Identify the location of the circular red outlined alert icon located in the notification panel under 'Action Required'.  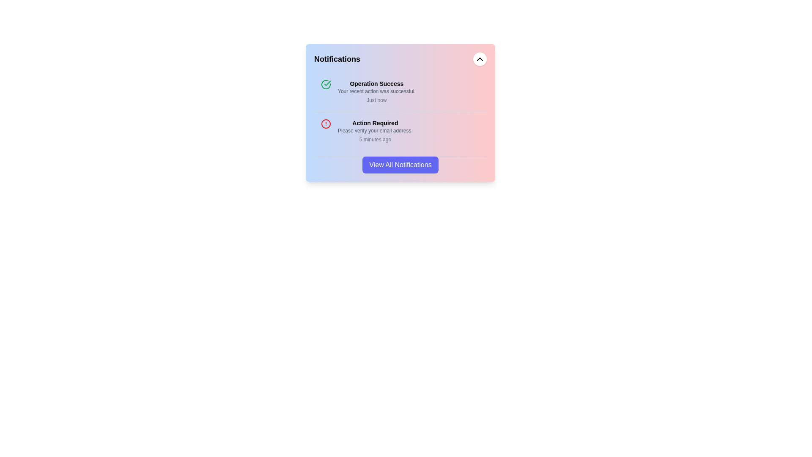
(326, 124).